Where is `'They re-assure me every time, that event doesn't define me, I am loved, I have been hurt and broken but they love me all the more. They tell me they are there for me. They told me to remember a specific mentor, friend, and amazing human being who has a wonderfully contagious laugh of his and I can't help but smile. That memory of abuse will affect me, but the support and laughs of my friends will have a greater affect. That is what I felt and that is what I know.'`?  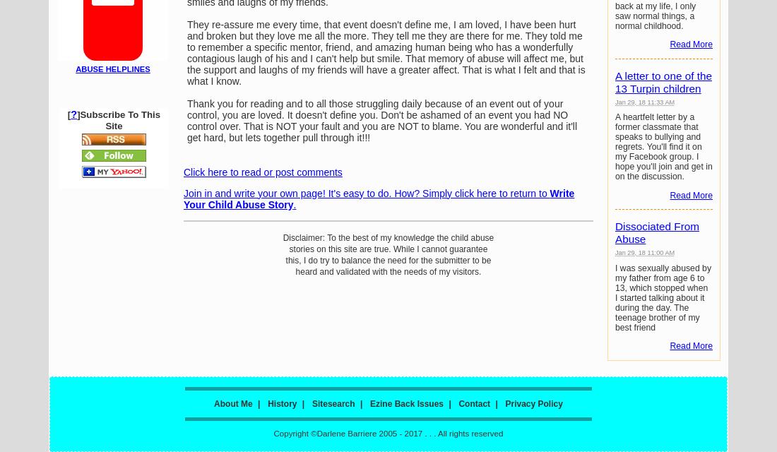
'They re-assure me every time, that event doesn't define me, I am loved, I have been hurt and broken but they love me all the more. They tell me they are there for me. They told me to remember a specific mentor, friend, and amazing human being who has a wonderfully contagious laugh of his and I can't help but smile. That memory of abuse will affect me, but the support and laughs of my friends will have a greater affect. That is what I felt and that is what I know.' is located at coordinates (386, 52).